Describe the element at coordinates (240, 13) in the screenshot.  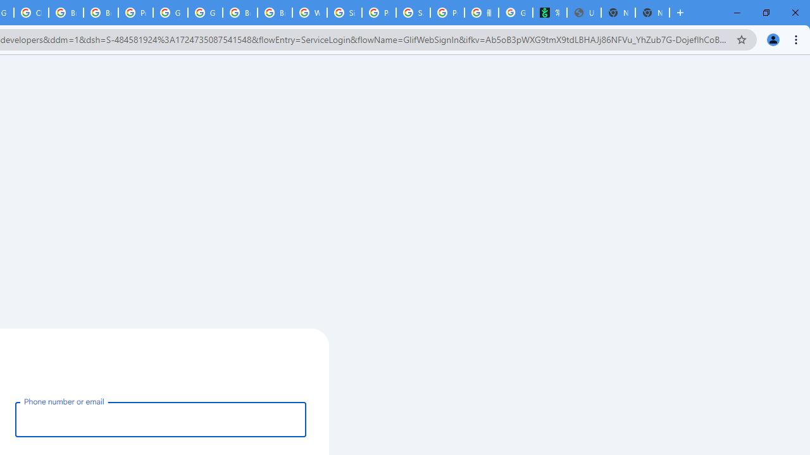
I see `'Browse Chrome as a guest - Computer - Google Chrome Help'` at that location.